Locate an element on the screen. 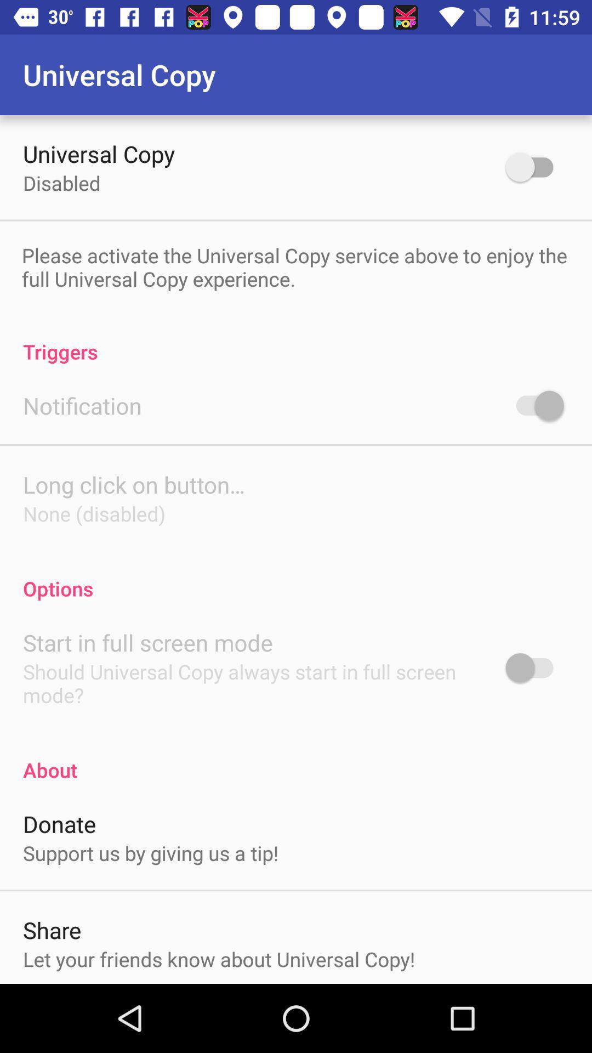 This screenshot has height=1053, width=592. the support us by is located at coordinates (151, 852).